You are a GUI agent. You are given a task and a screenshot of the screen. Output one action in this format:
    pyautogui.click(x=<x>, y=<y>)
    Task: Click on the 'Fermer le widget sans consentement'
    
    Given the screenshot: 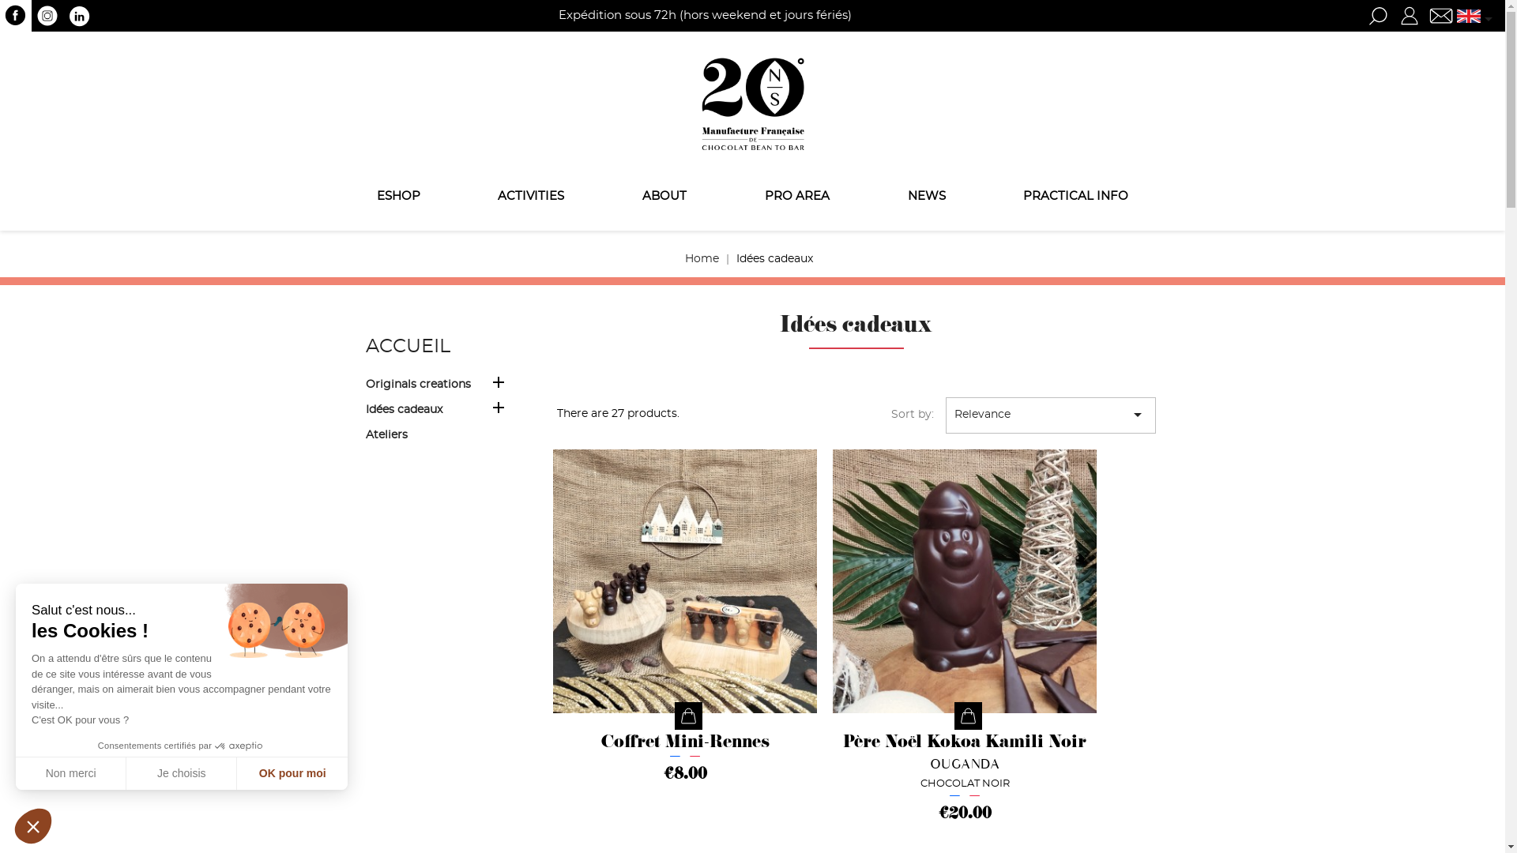 What is the action you would take?
    pyautogui.click(x=33, y=825)
    